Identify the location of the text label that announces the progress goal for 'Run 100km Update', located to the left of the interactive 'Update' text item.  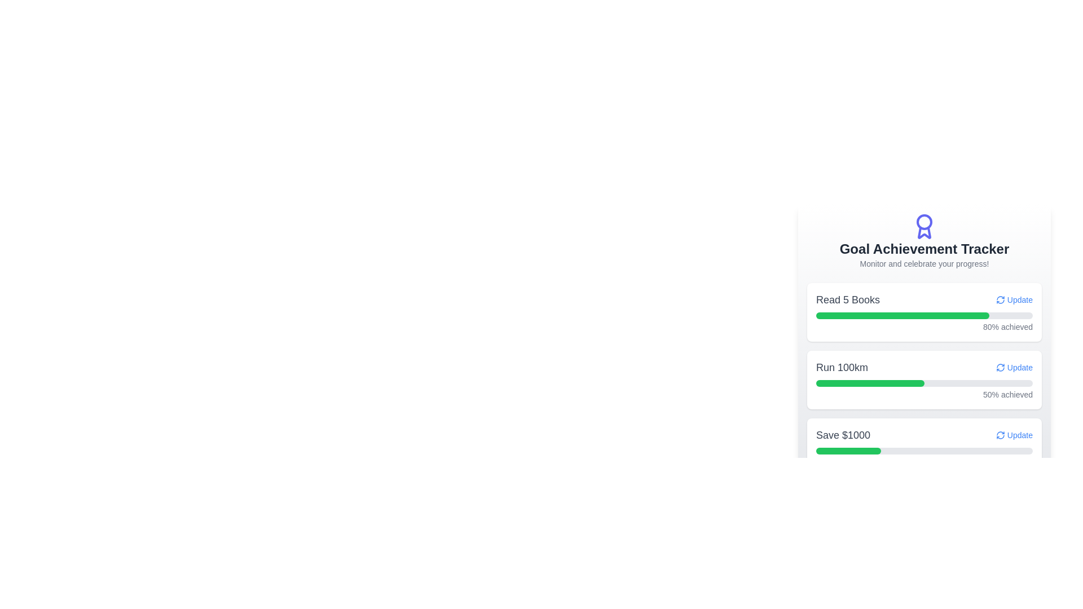
(842, 367).